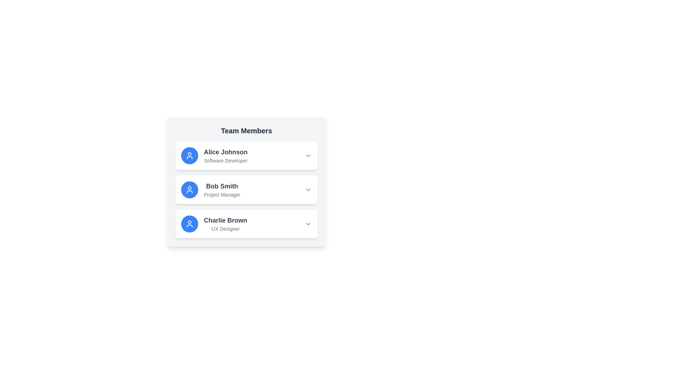  What do you see at coordinates (225, 152) in the screenshot?
I see `the text label displaying the name 'Alice Johnson'` at bounding box center [225, 152].